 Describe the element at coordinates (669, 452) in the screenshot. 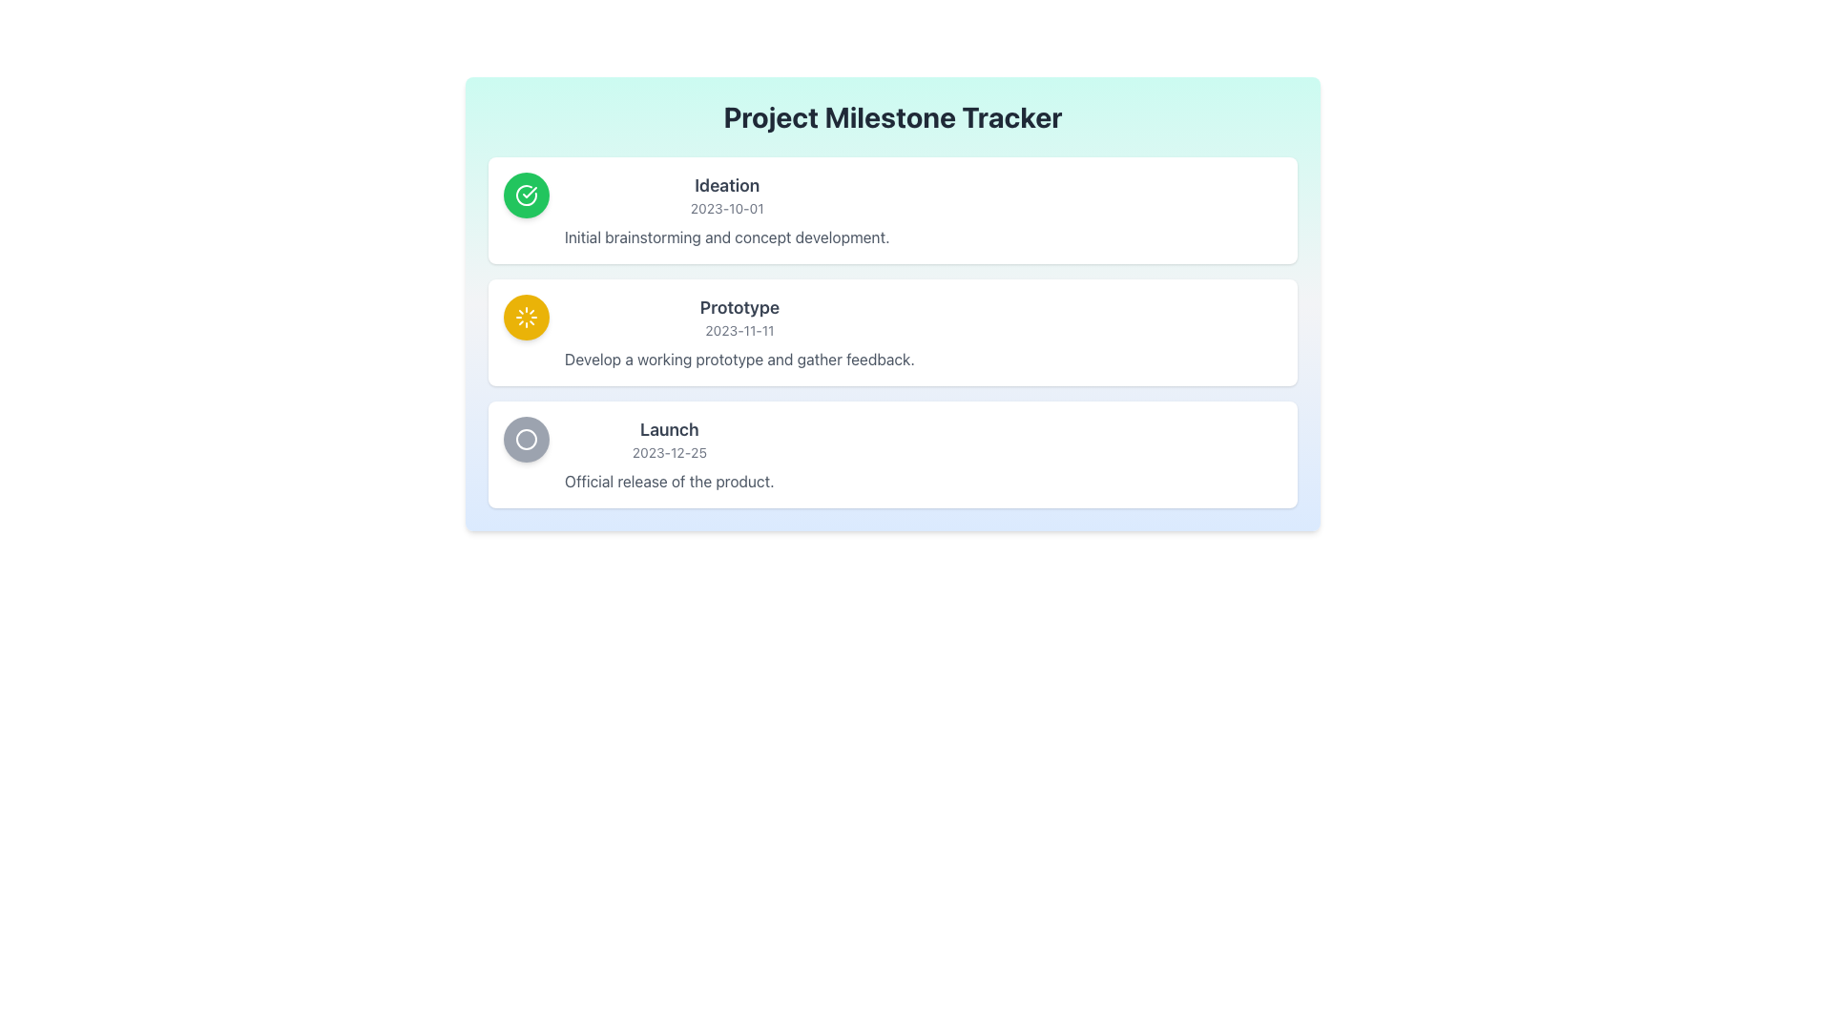

I see `static text element displaying the date '2023-12-25', which is styled in a smaller gray font and positioned below the 'Launch' heading` at that location.